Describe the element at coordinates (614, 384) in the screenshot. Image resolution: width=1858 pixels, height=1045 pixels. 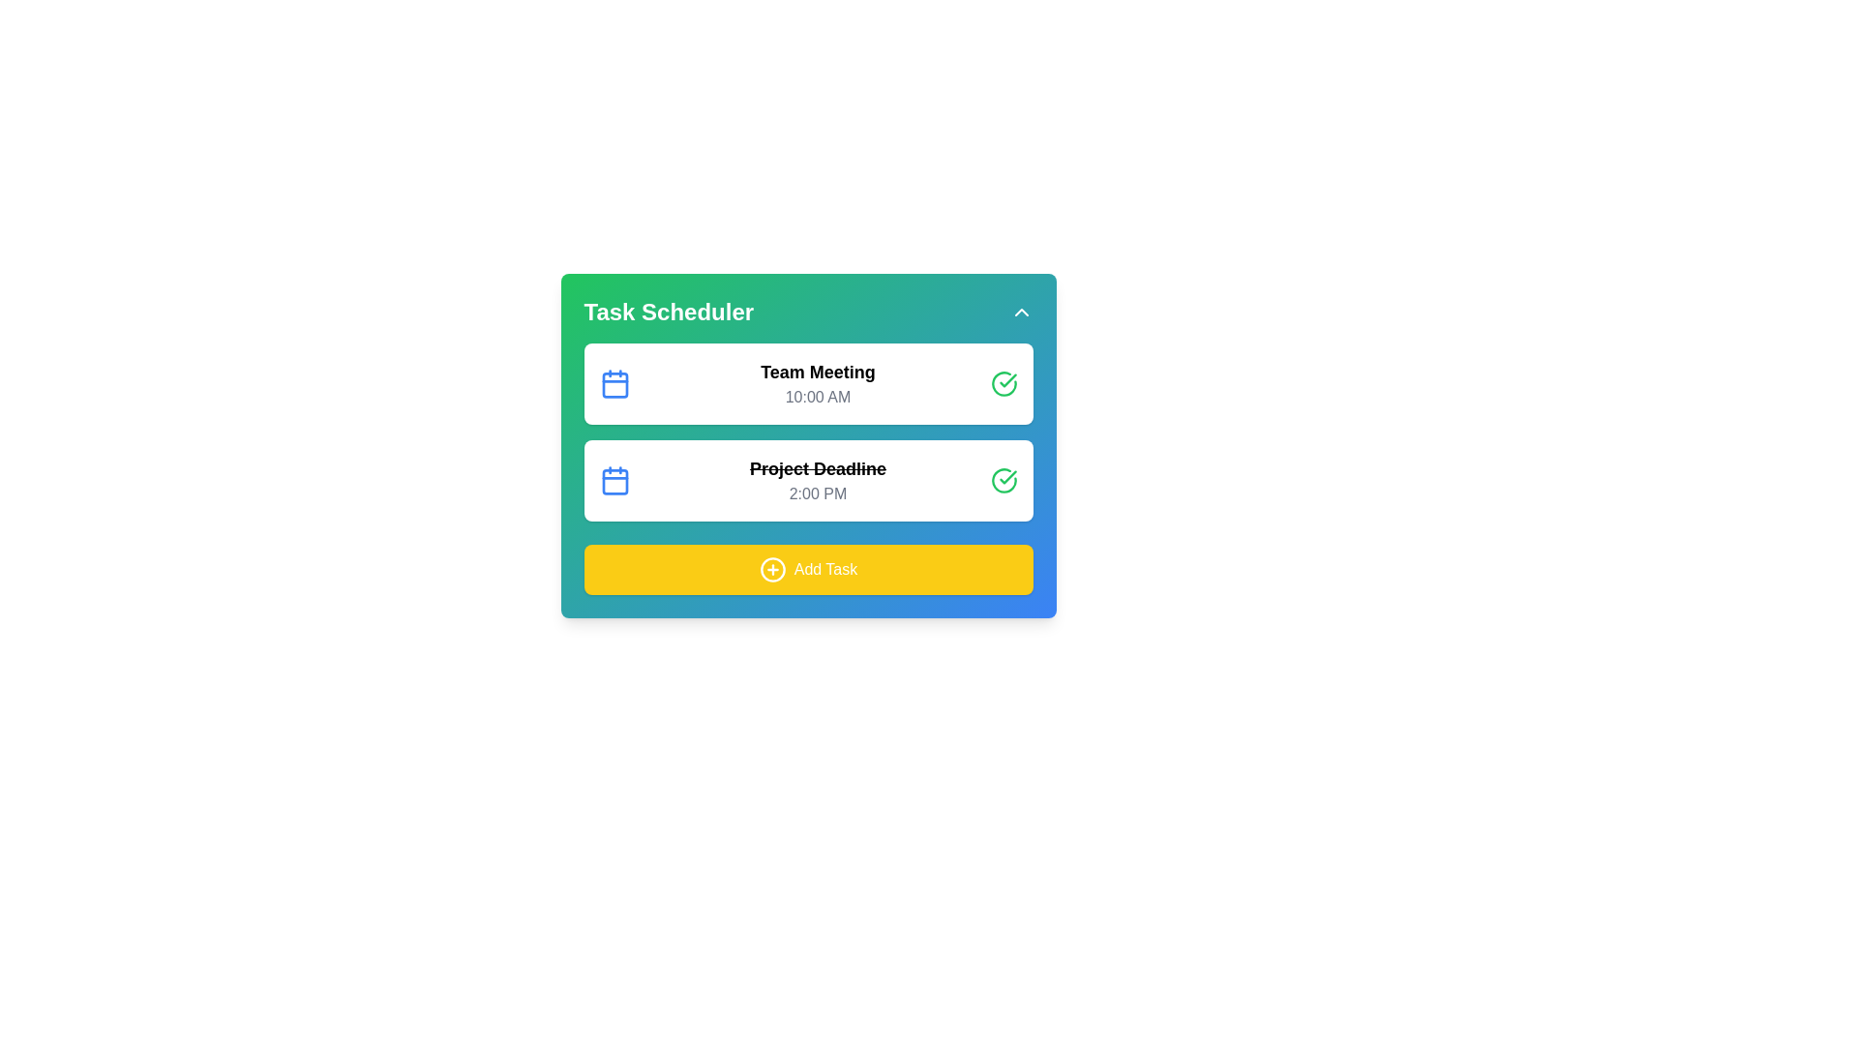
I see `the calendar icon representing the 'Team Meeting' event in the Task Scheduler list, located to the left of the event text` at that location.